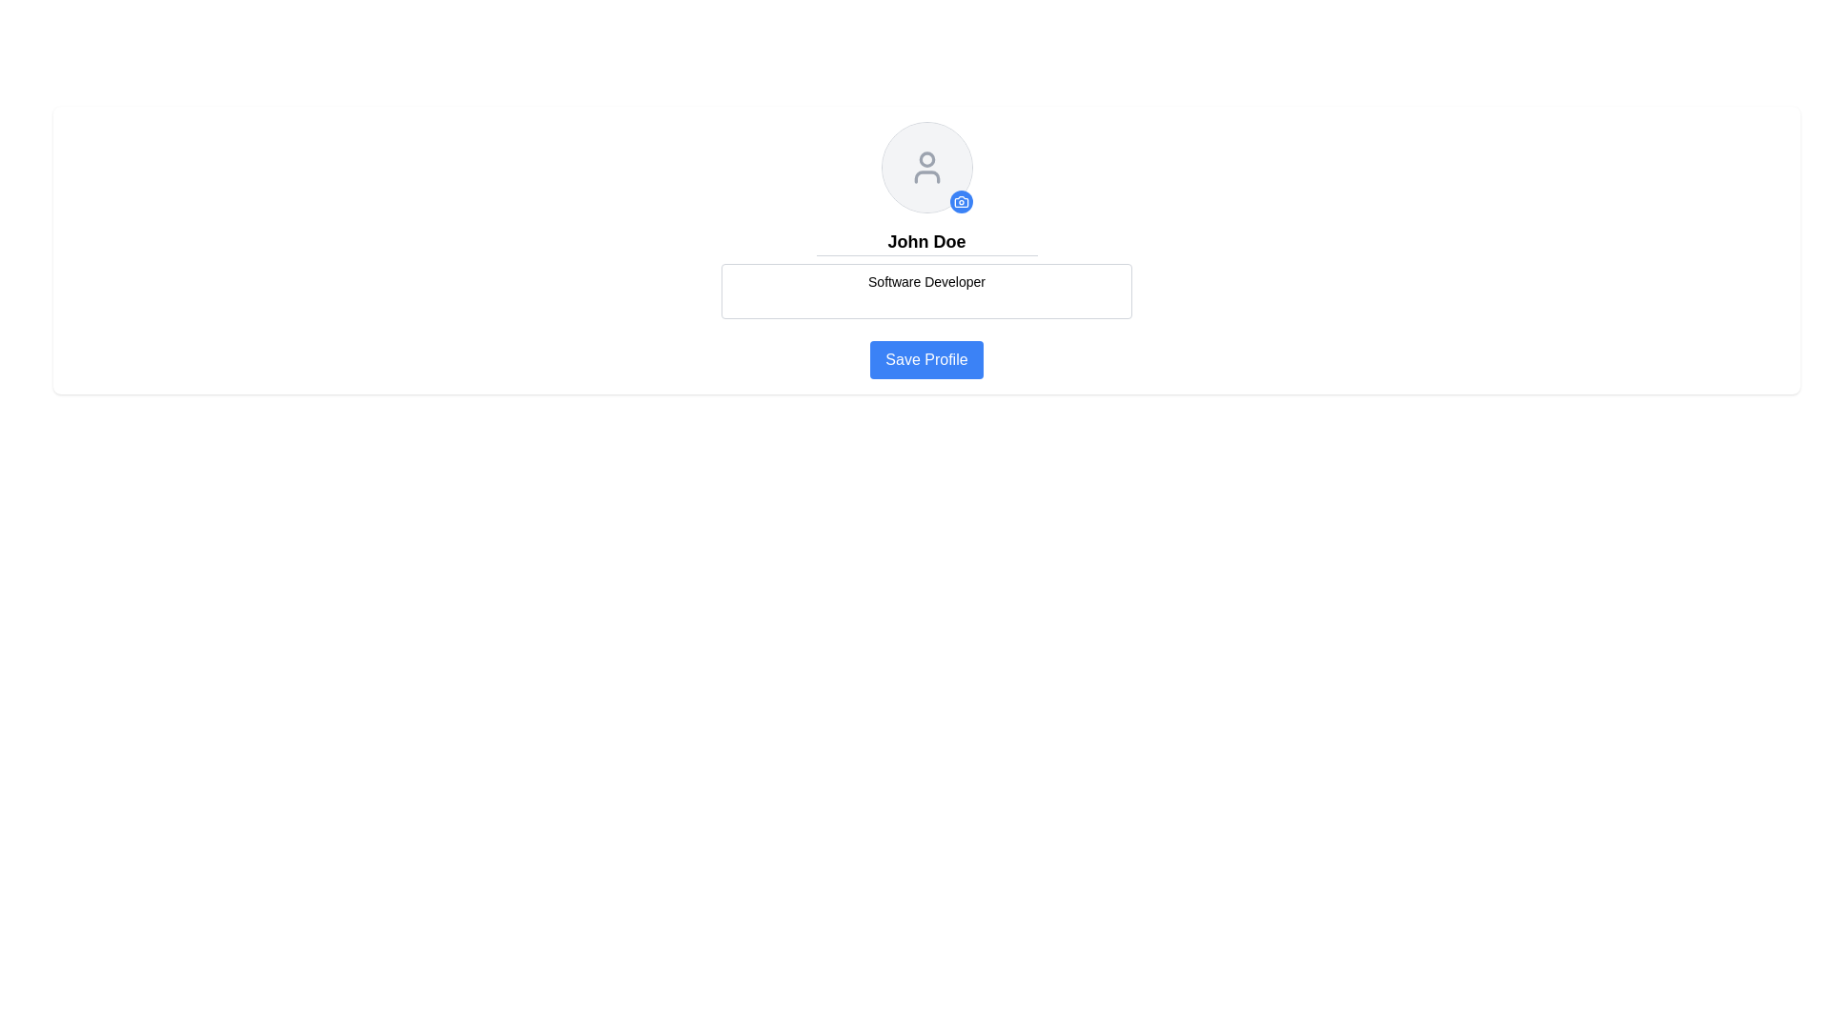 This screenshot has width=1830, height=1029. I want to click on the user profile picture icon located at the center top of the interface, within a circular placeholder, so click(926, 167).